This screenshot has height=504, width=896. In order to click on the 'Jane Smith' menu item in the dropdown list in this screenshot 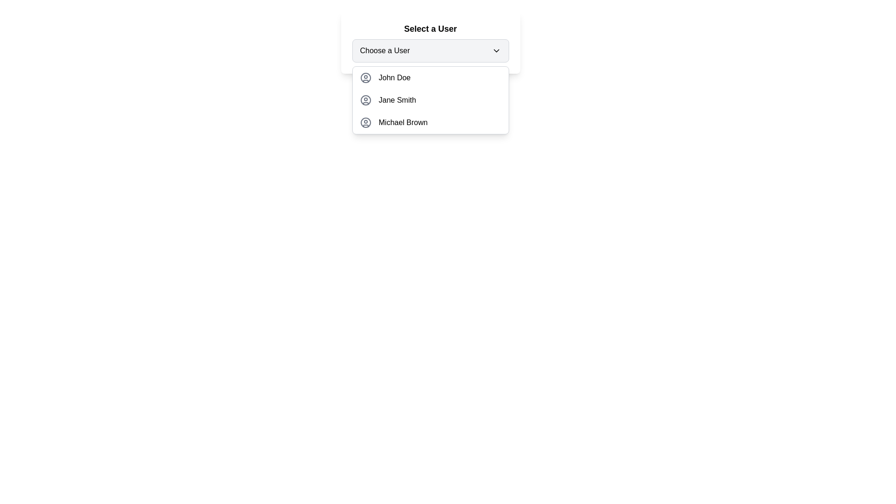, I will do `click(430, 100)`.